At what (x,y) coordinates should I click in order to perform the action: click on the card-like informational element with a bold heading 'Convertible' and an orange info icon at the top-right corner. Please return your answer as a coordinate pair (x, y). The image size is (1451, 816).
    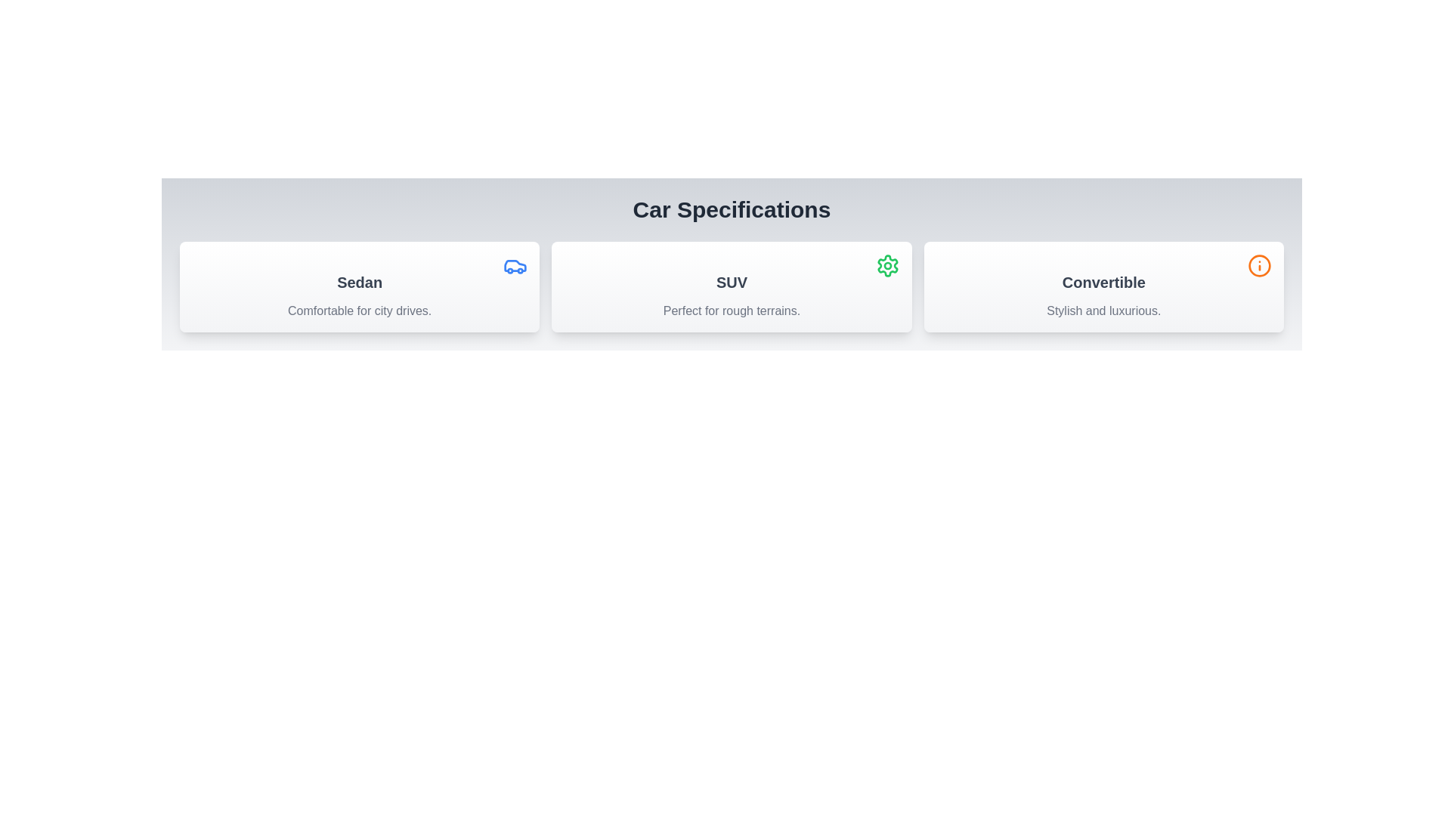
    Looking at the image, I should click on (1103, 287).